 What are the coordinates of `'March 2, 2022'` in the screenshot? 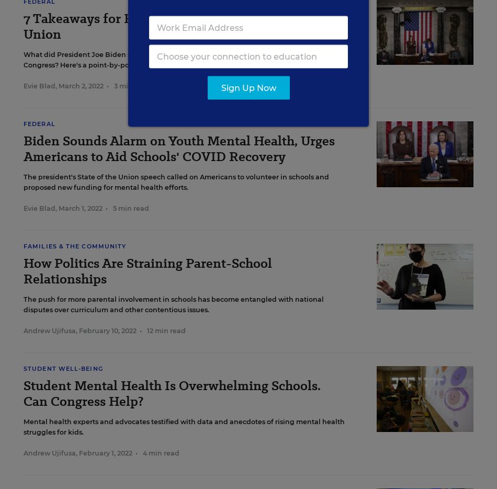 It's located at (81, 86).